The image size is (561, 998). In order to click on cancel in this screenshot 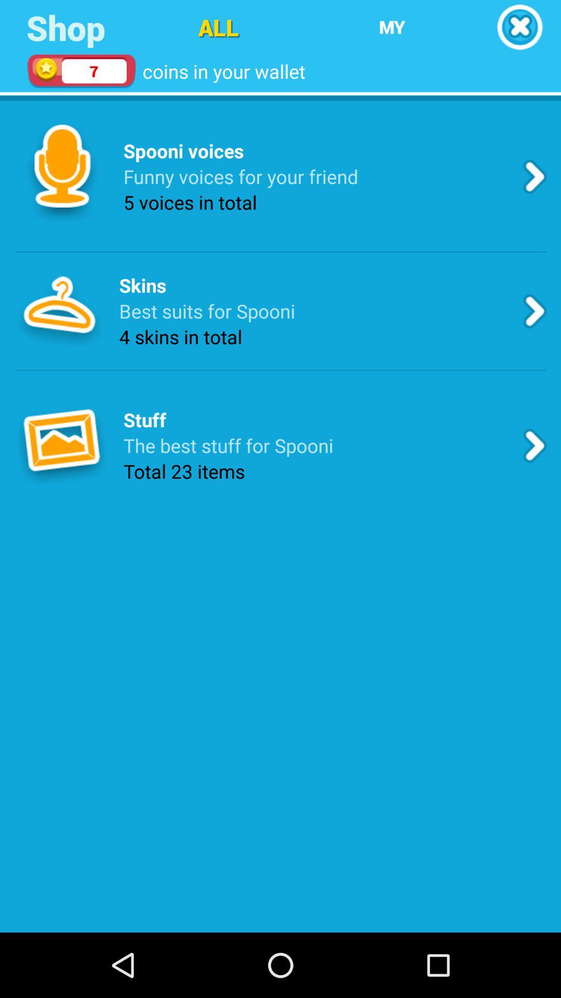, I will do `click(519, 27)`.